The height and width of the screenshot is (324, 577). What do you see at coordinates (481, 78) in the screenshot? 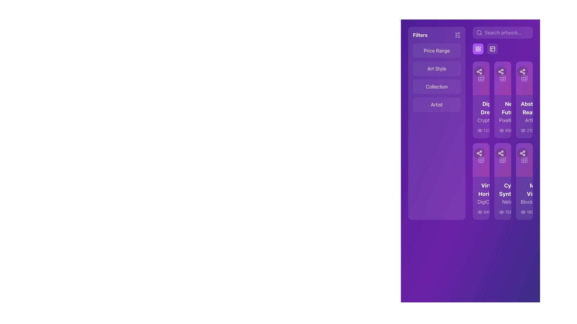
I see `the grid icon in the card-like component located in the second column of the main grid layout` at bounding box center [481, 78].